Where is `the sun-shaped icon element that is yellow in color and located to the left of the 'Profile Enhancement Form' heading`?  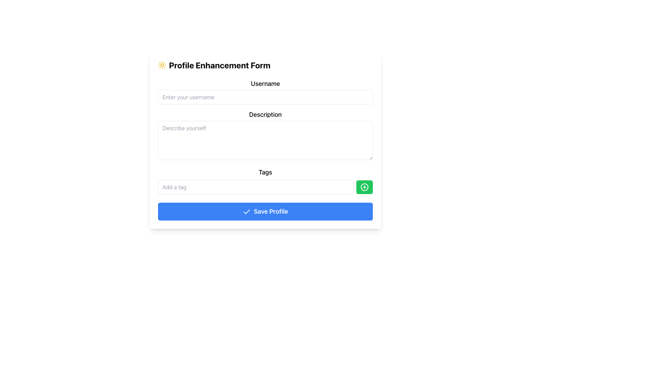 the sun-shaped icon element that is yellow in color and located to the left of the 'Profile Enhancement Form' heading is located at coordinates (161, 65).